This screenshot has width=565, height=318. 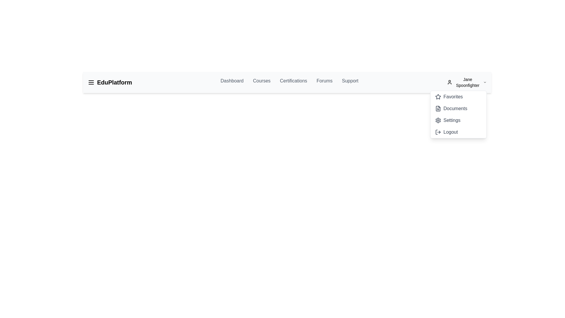 What do you see at coordinates (438, 96) in the screenshot?
I see `the star-shaped icon with a hollow center located near the 'Favorites' text in the dropdown menu to initiate navigation associated with 'Favorites'` at bounding box center [438, 96].